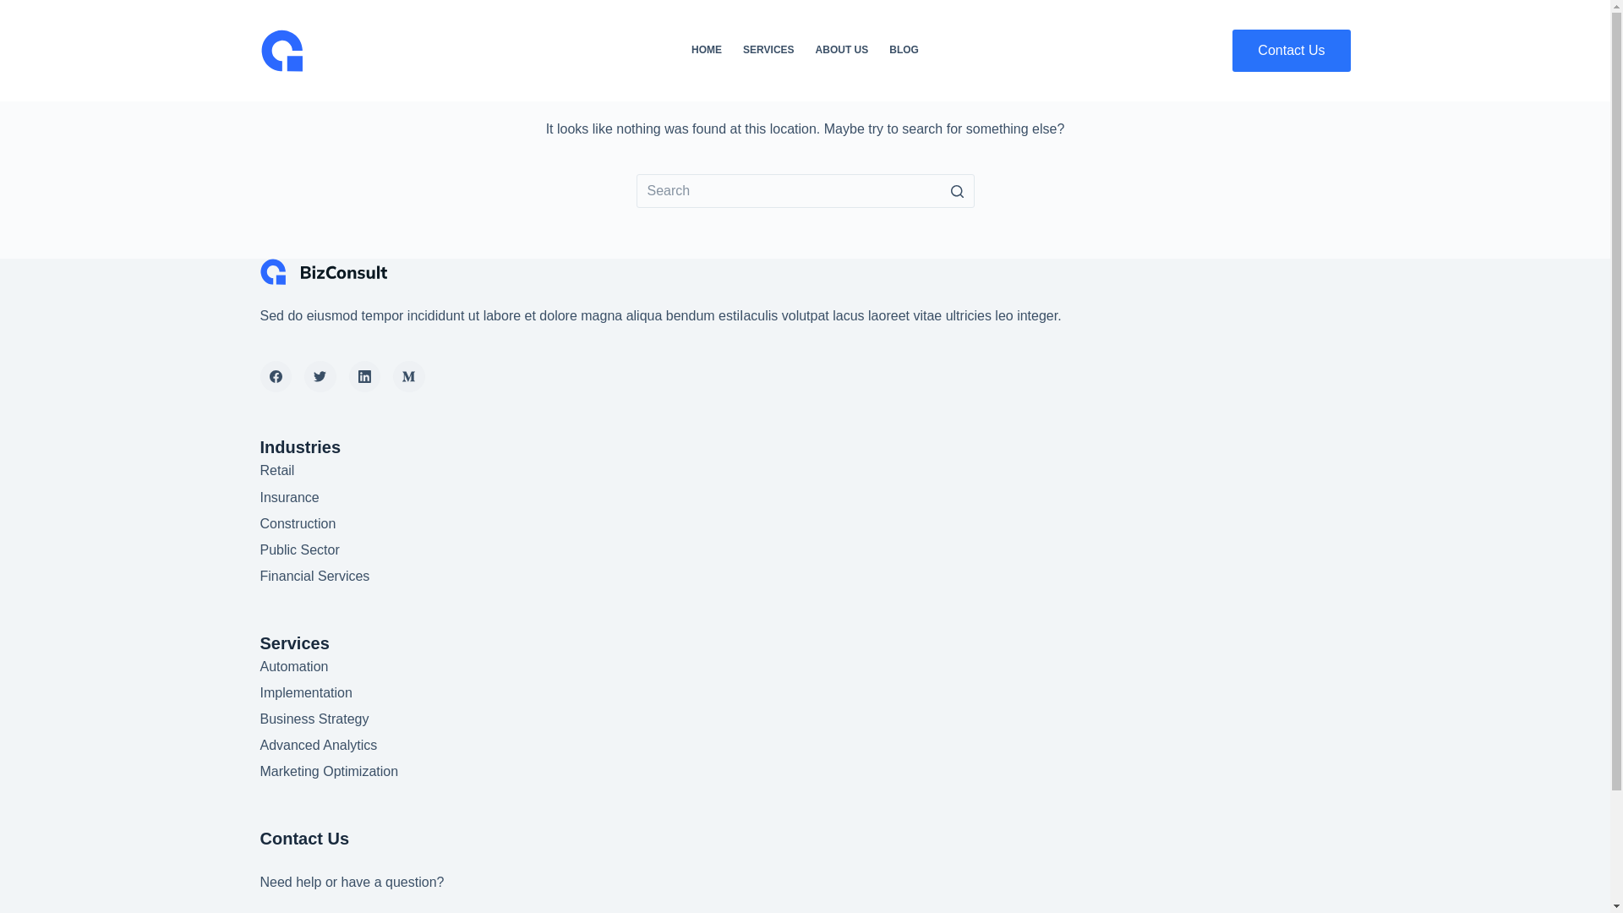 Image resolution: width=1623 pixels, height=913 pixels. Describe the element at coordinates (298, 522) in the screenshot. I see `'Construction'` at that location.